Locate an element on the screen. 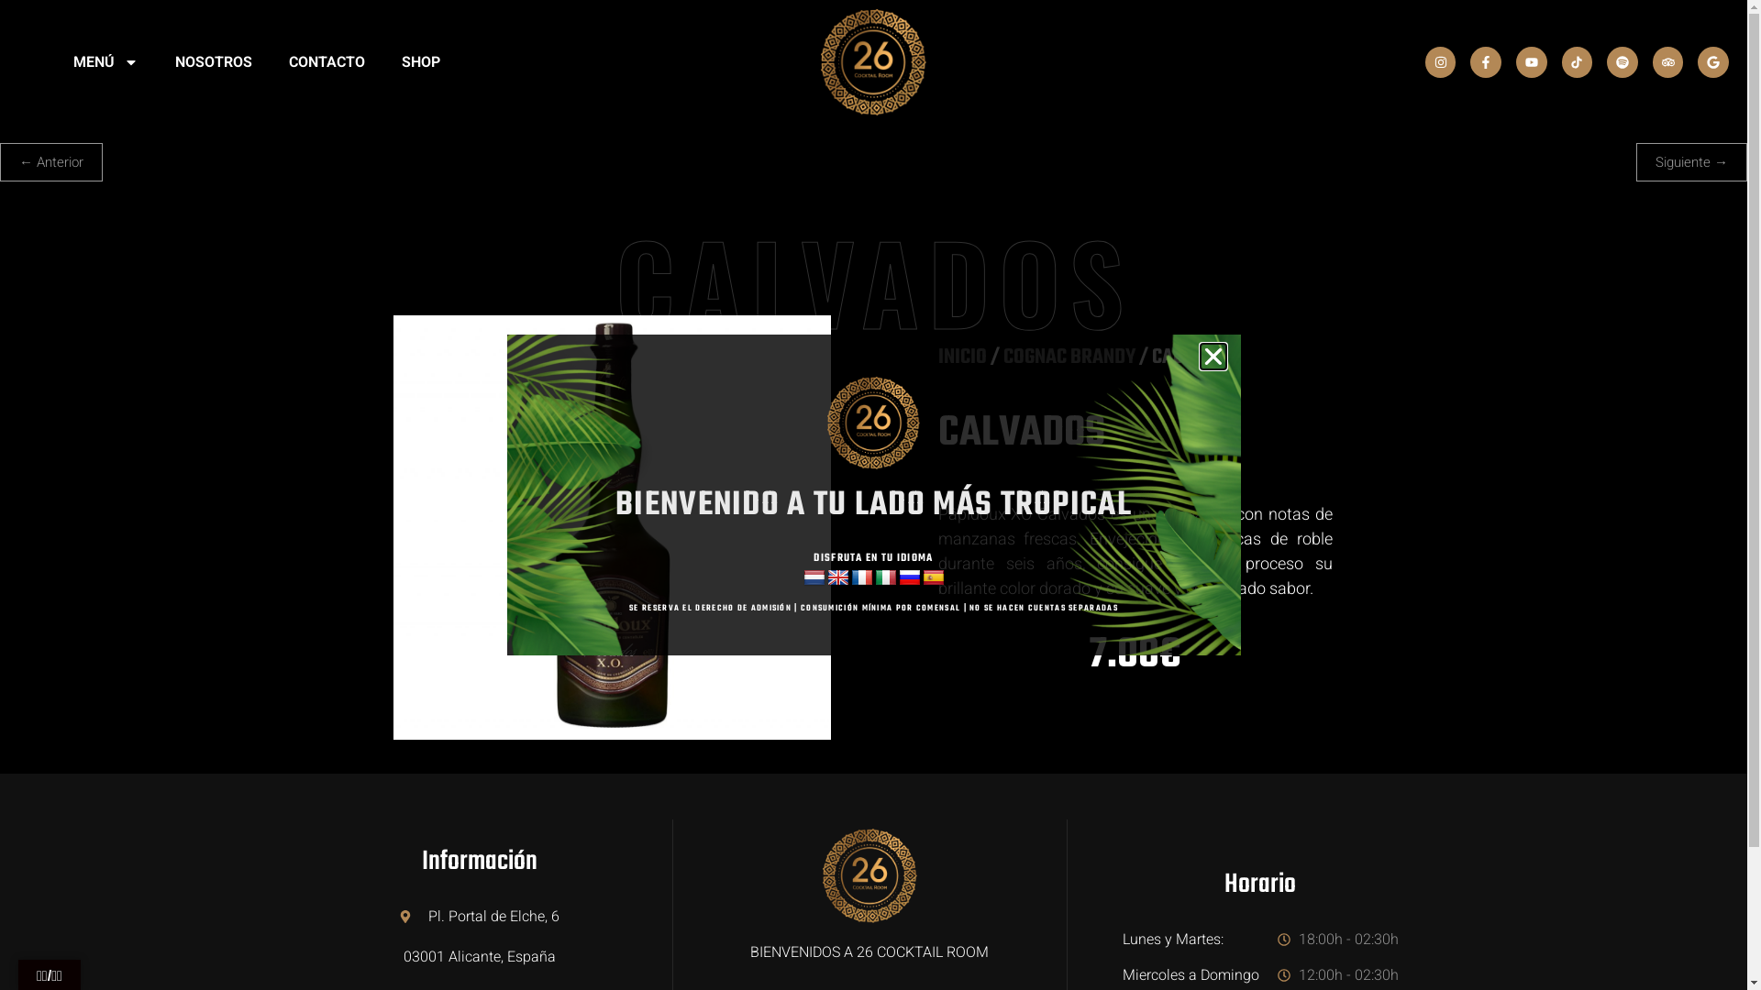 This screenshot has height=990, width=1761. 'INICIO' is located at coordinates (960, 357).